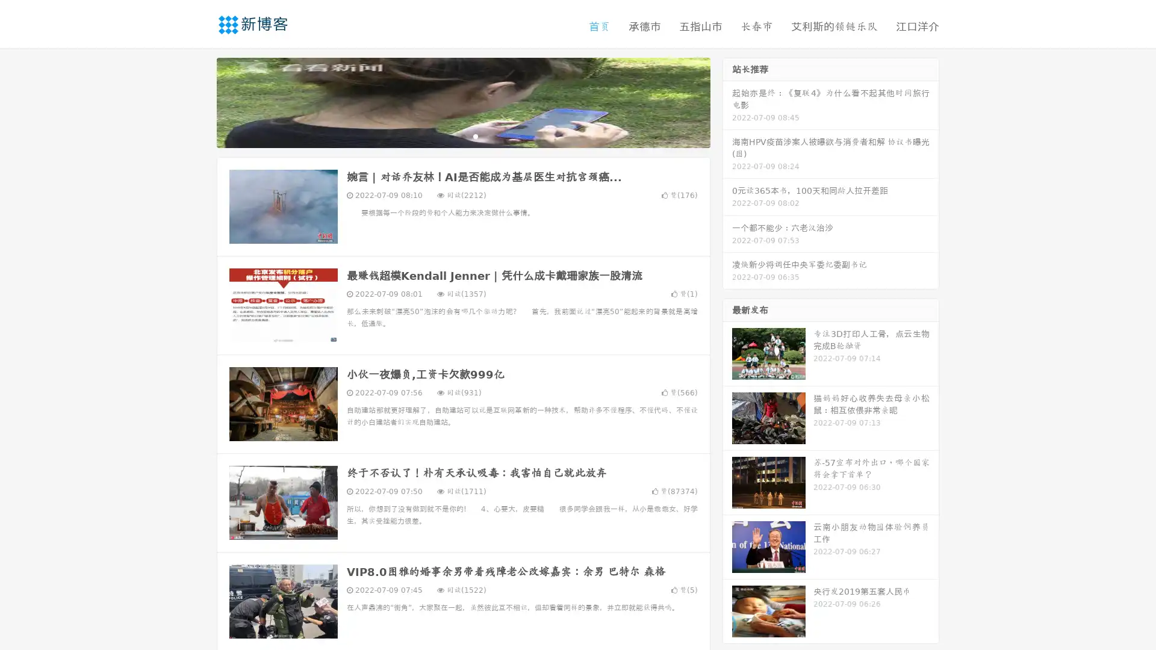  What do you see at coordinates (199, 101) in the screenshot?
I see `Previous slide` at bounding box center [199, 101].